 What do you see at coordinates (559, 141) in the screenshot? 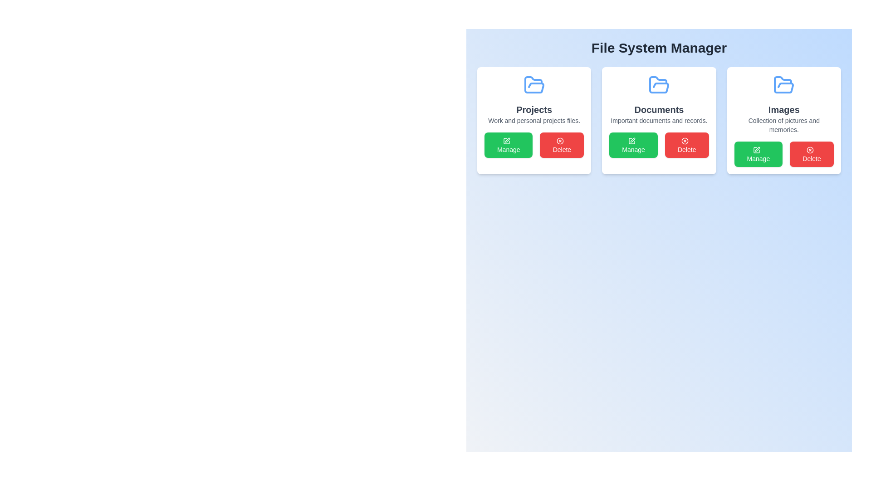
I see `the small red 'X' icon located within the larger red 'Delete' button at the bottom section of the 'Projects' card` at bounding box center [559, 141].